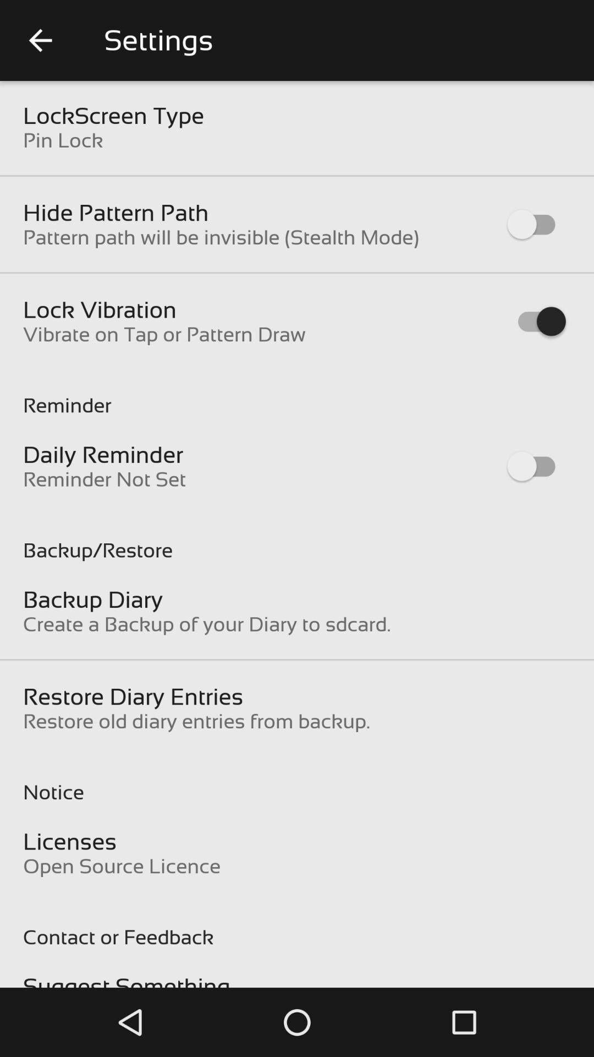  I want to click on pin lock, so click(63, 139).